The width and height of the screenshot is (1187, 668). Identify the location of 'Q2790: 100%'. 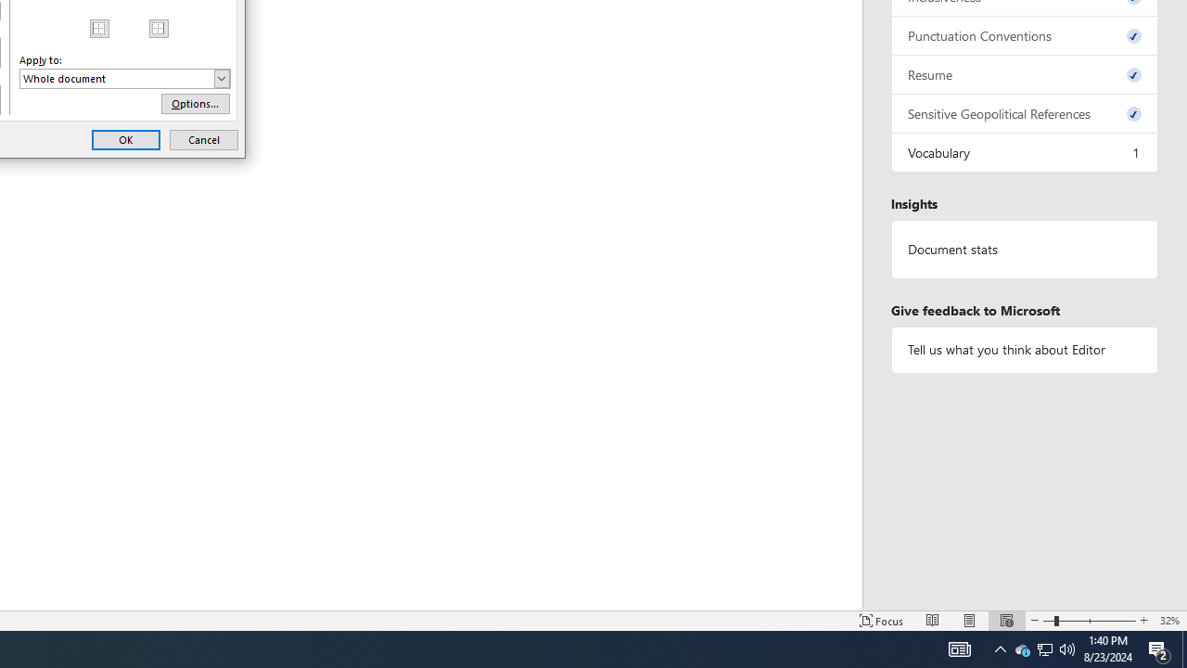
(1067, 648).